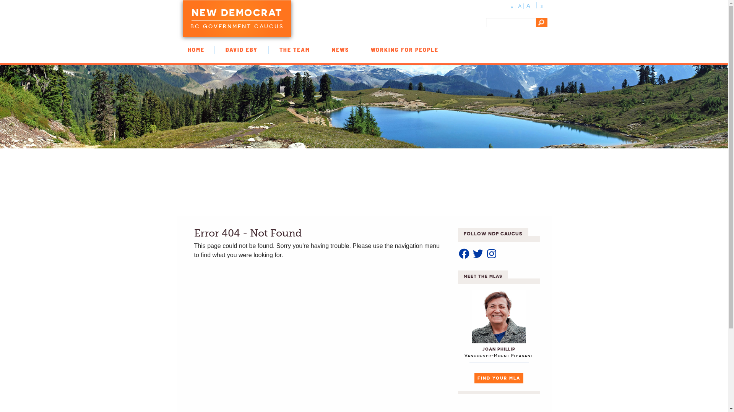  Describe the element at coordinates (518, 6) in the screenshot. I see `'A'` at that location.